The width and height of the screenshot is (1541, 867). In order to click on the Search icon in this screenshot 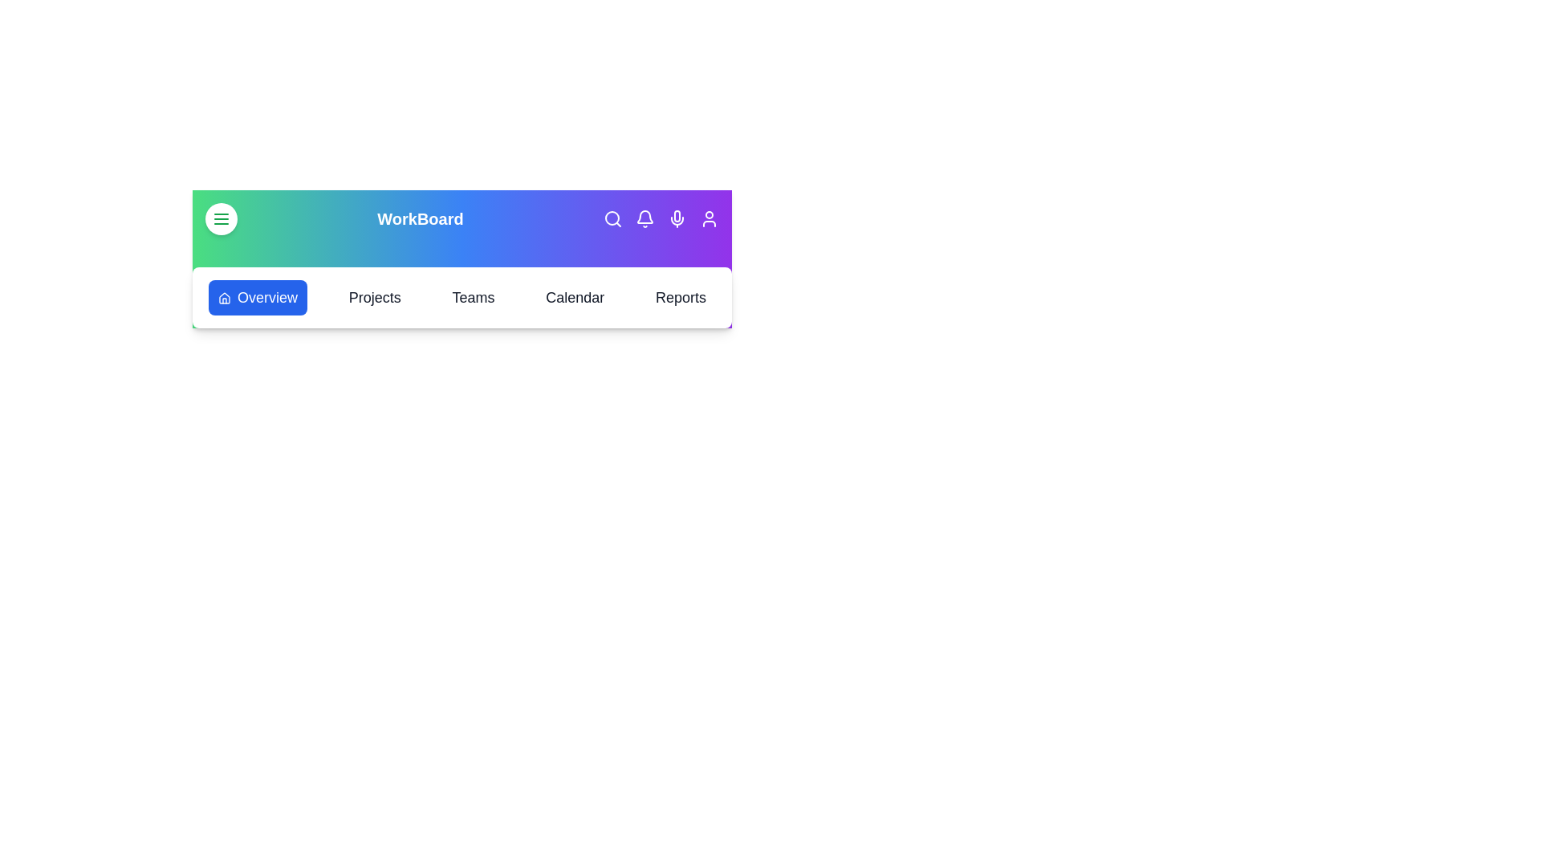, I will do `click(612, 219)`.